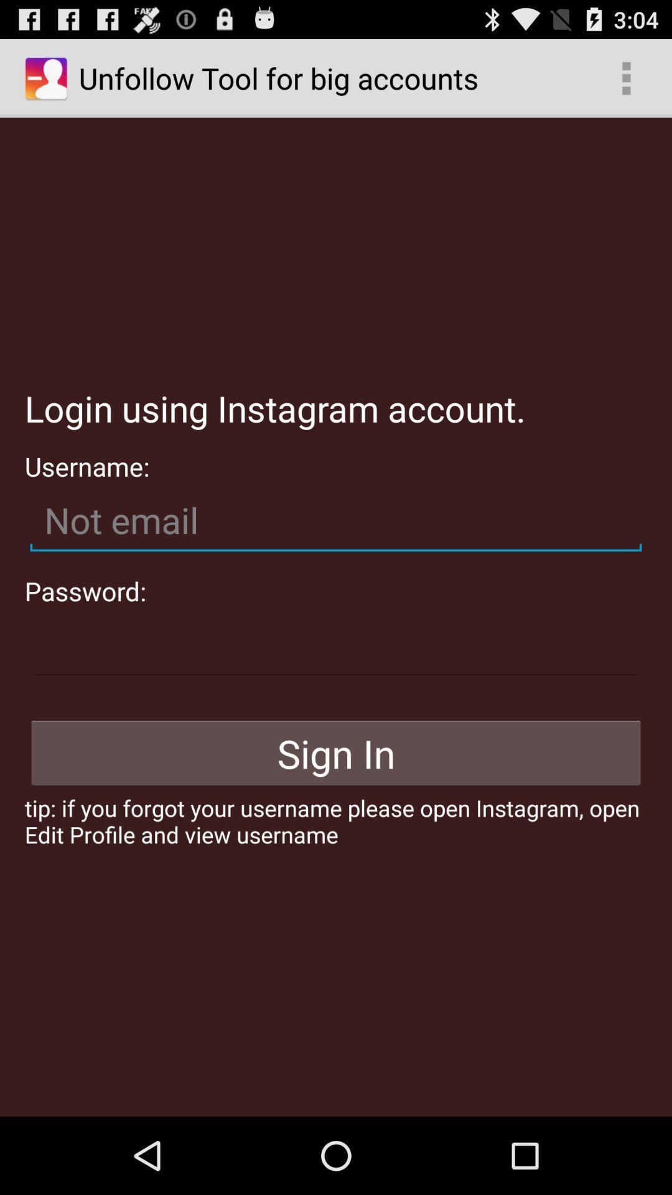 This screenshot has height=1195, width=672. I want to click on icon above tip if you icon, so click(336, 752).